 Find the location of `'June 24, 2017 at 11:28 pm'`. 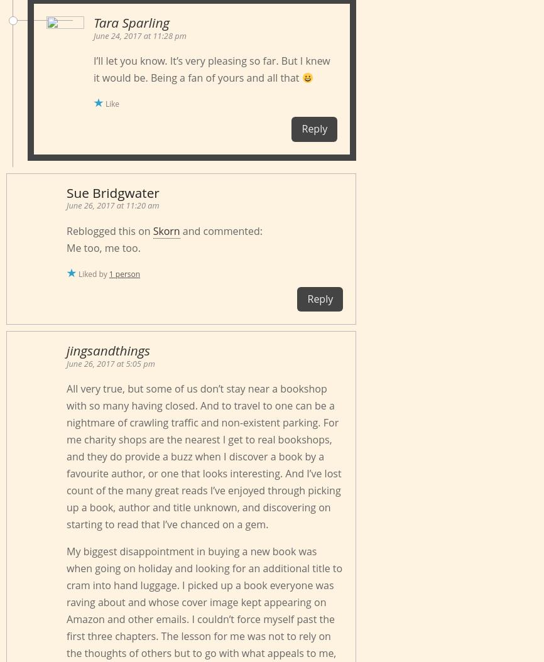

'June 24, 2017 at 11:28 pm' is located at coordinates (94, 34).